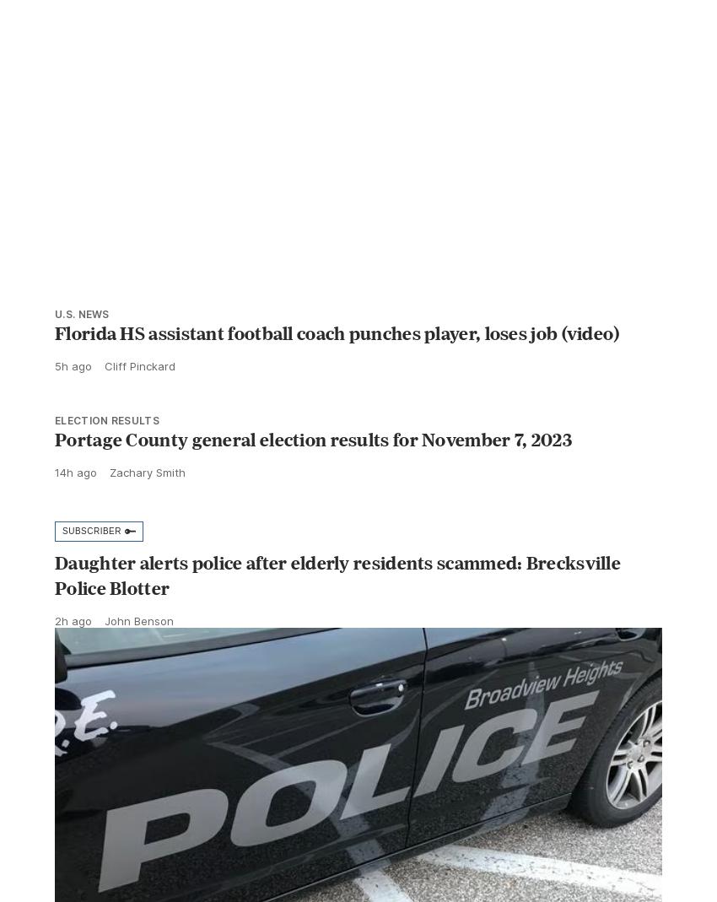  I want to click on 'Daughter alerts police after elderly residents scammed: Brecksville Police Blotter', so click(337, 611).